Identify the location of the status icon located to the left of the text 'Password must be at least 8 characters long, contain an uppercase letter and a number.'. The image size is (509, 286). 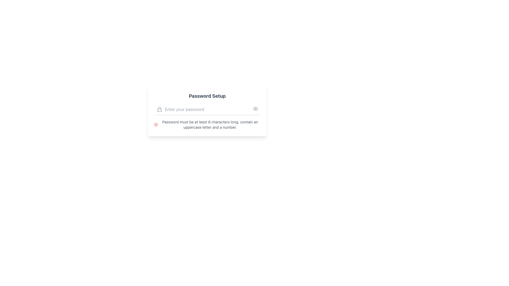
(156, 124).